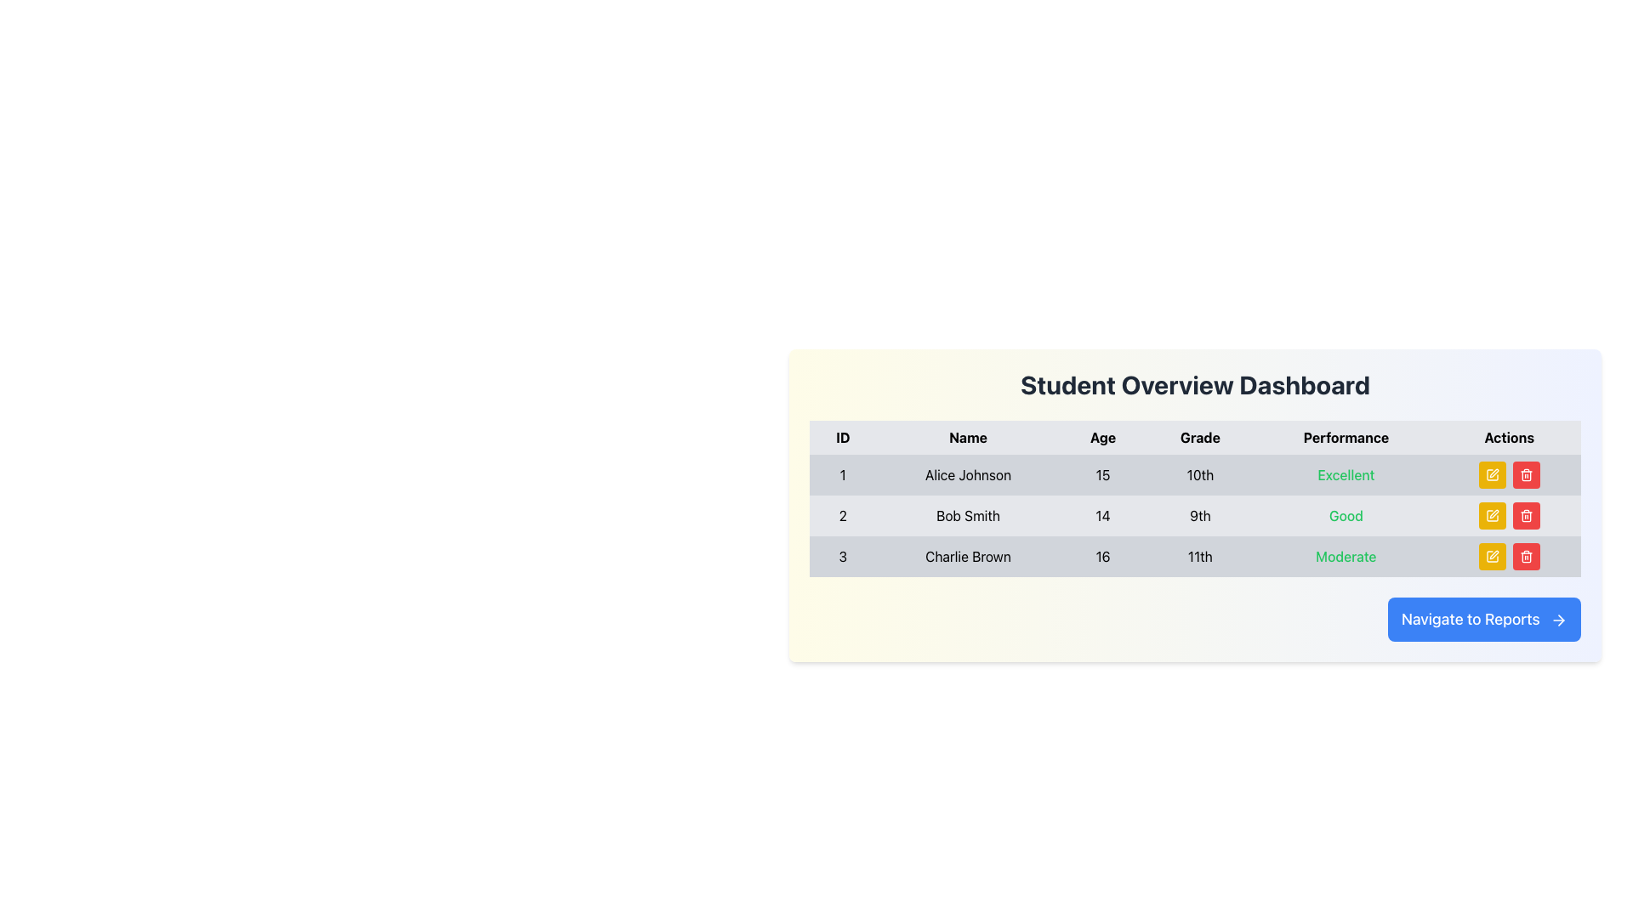 The width and height of the screenshot is (1633, 918). Describe the element at coordinates (843, 475) in the screenshot. I see `the text label that identifies the first entry in the student information table for Alice Johnson, located under the 'ID' column header` at that location.